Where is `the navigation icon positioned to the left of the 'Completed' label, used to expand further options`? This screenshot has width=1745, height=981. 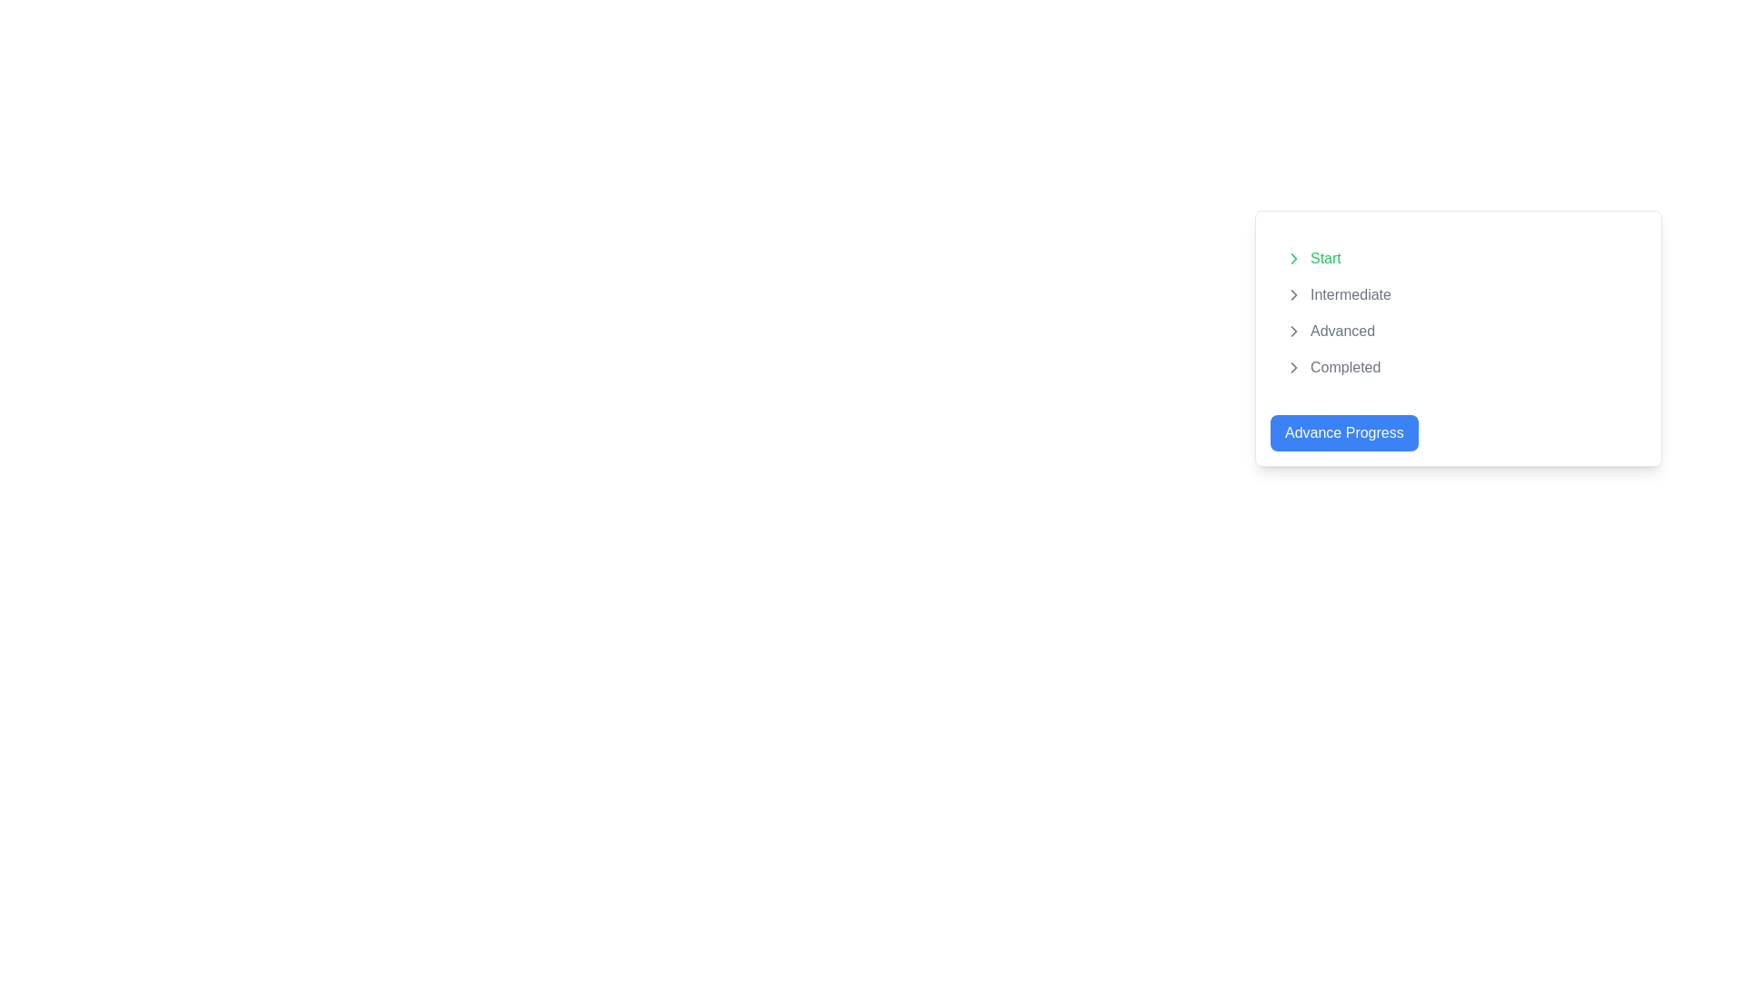
the navigation icon positioned to the left of the 'Completed' label, used to expand further options is located at coordinates (1293, 368).